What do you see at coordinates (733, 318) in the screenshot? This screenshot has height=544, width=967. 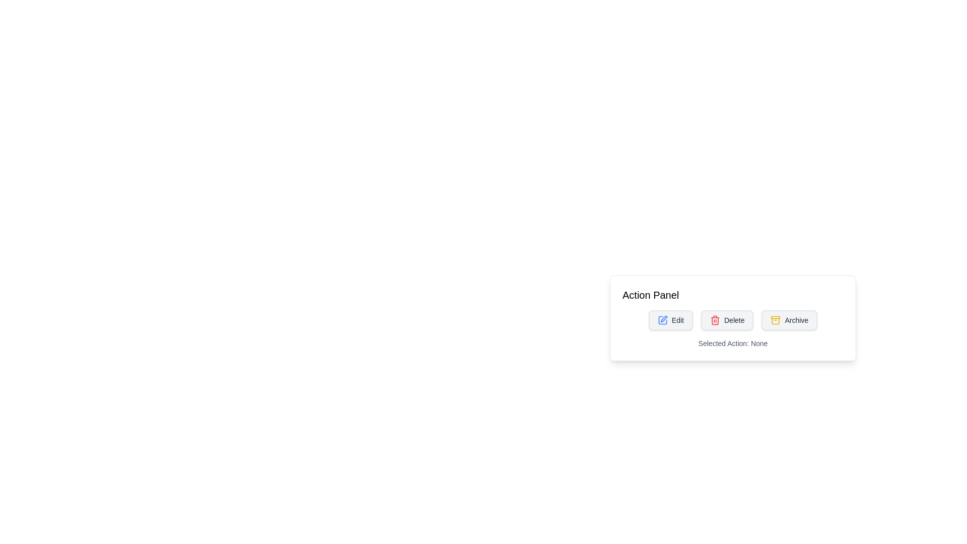 I see `the buttons in the Action panel located below the title 'Action Panel'` at bounding box center [733, 318].